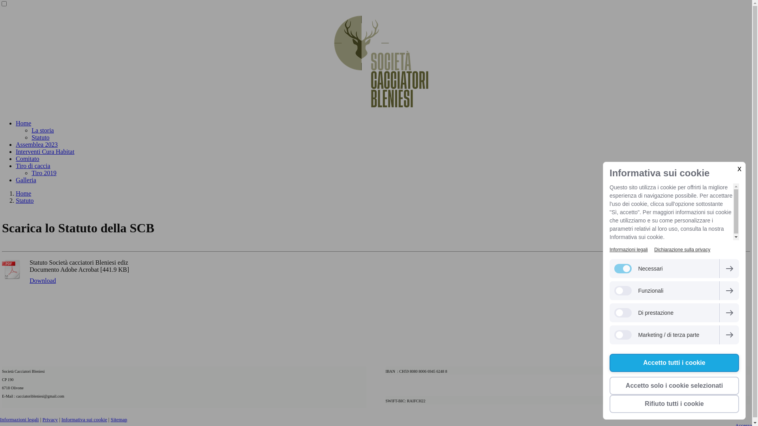 This screenshot has height=426, width=758. What do you see at coordinates (682, 249) in the screenshot?
I see `'Dichiarazione sulla privacy'` at bounding box center [682, 249].